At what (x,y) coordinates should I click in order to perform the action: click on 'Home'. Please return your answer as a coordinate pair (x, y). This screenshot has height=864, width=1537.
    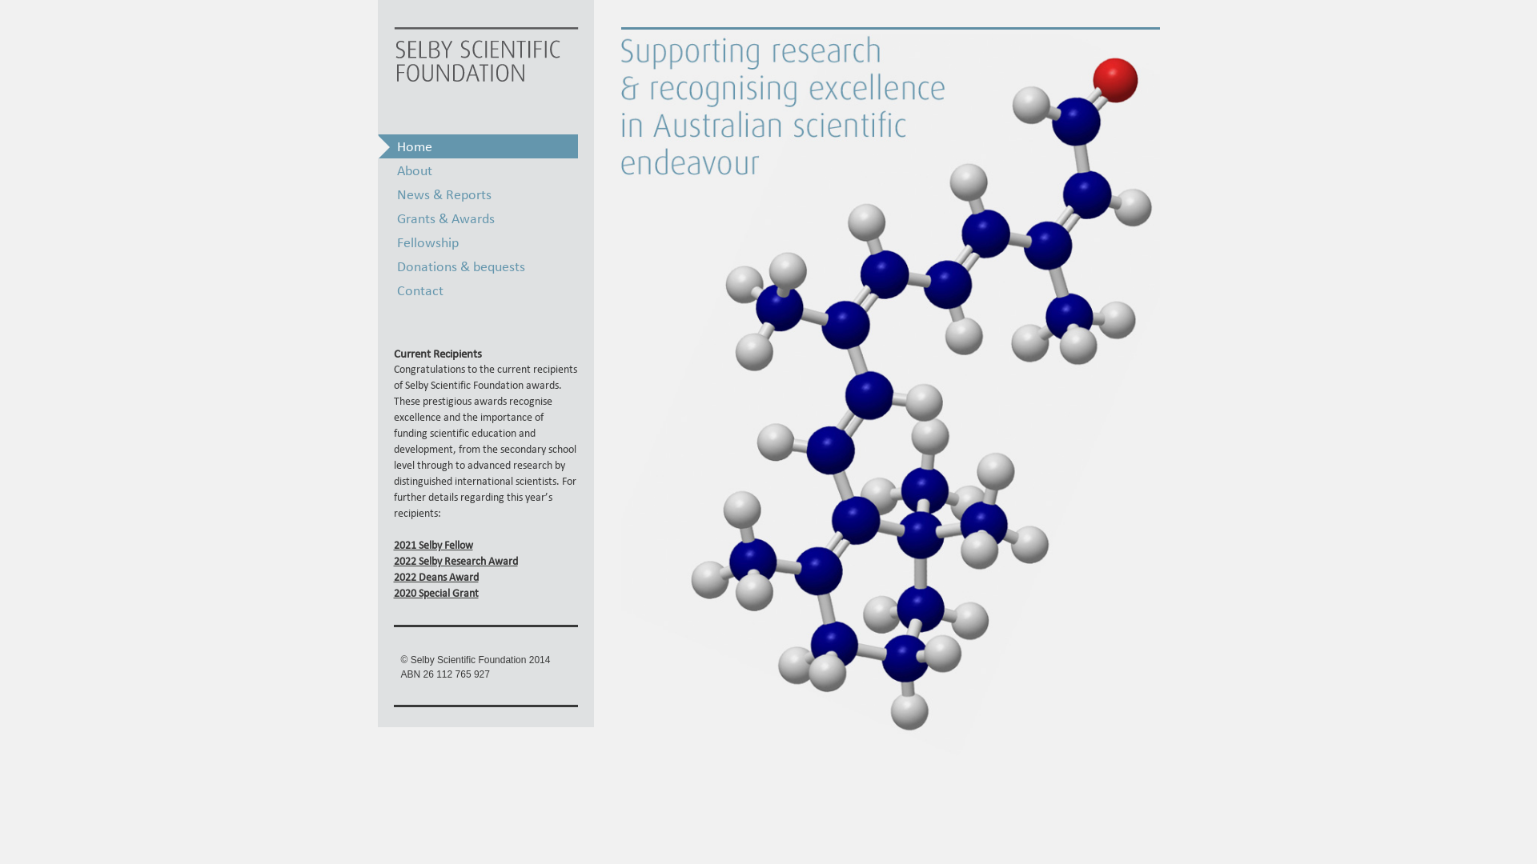
    Looking at the image, I should click on (476, 146).